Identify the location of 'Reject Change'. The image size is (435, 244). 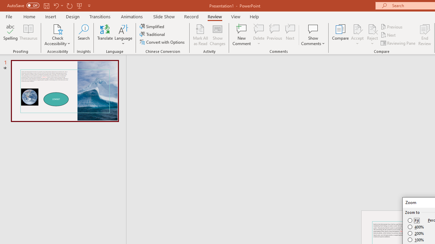
(372, 28).